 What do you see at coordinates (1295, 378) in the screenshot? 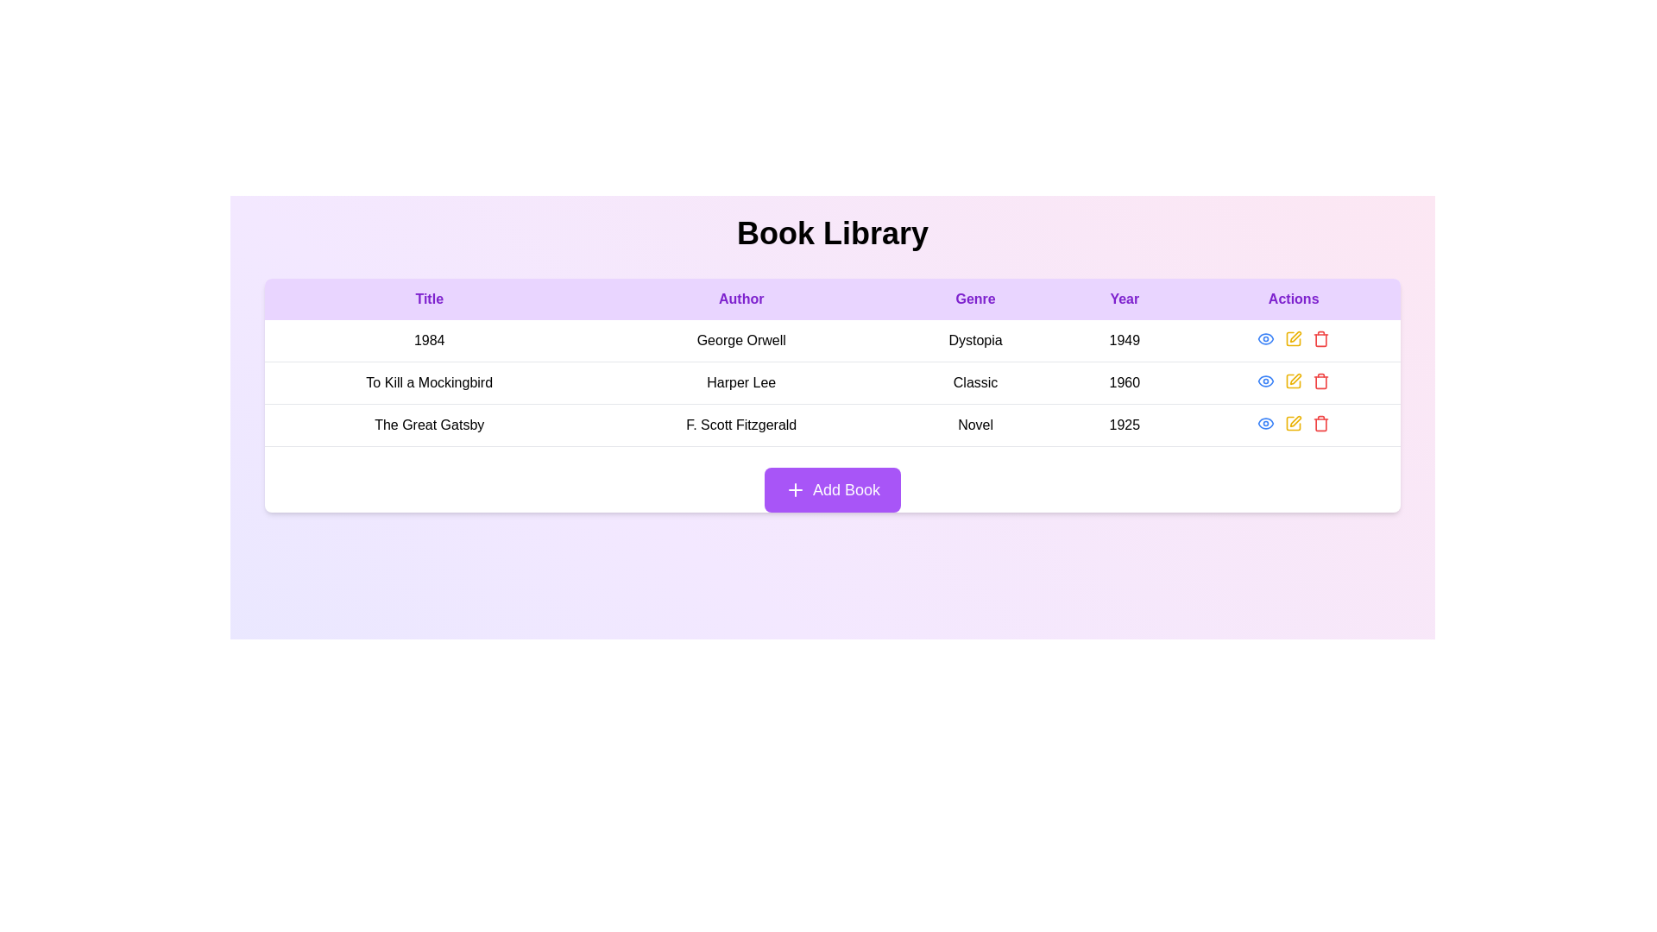
I see `the yellow pen icon in the 'Actions' column of the second row for the book 'To Kill a Mockingbird'` at bounding box center [1295, 378].